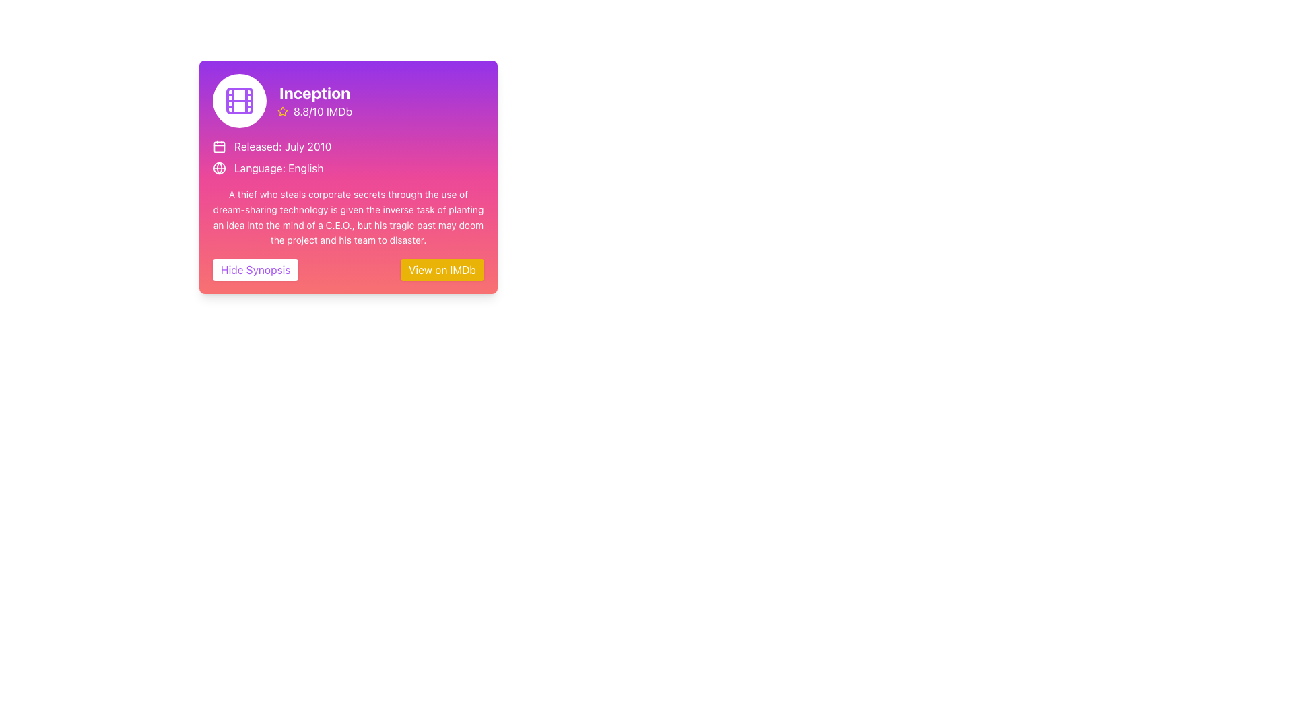 This screenshot has width=1293, height=727. I want to click on the star rating SVG icon located near the top-left section of the interface, adjacent to the IMDb rating icon for the title 'Inception', so click(282, 110).